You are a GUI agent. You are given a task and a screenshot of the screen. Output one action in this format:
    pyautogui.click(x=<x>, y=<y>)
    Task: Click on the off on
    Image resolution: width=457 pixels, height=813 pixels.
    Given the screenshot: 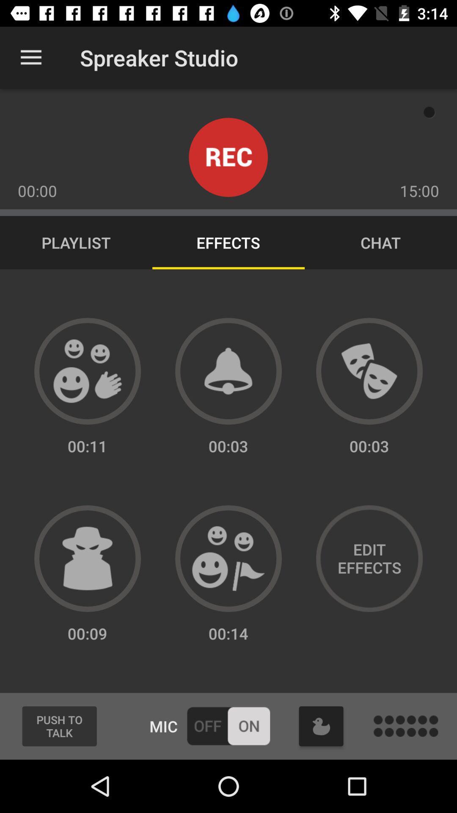 What is the action you would take?
    pyautogui.click(x=228, y=725)
    